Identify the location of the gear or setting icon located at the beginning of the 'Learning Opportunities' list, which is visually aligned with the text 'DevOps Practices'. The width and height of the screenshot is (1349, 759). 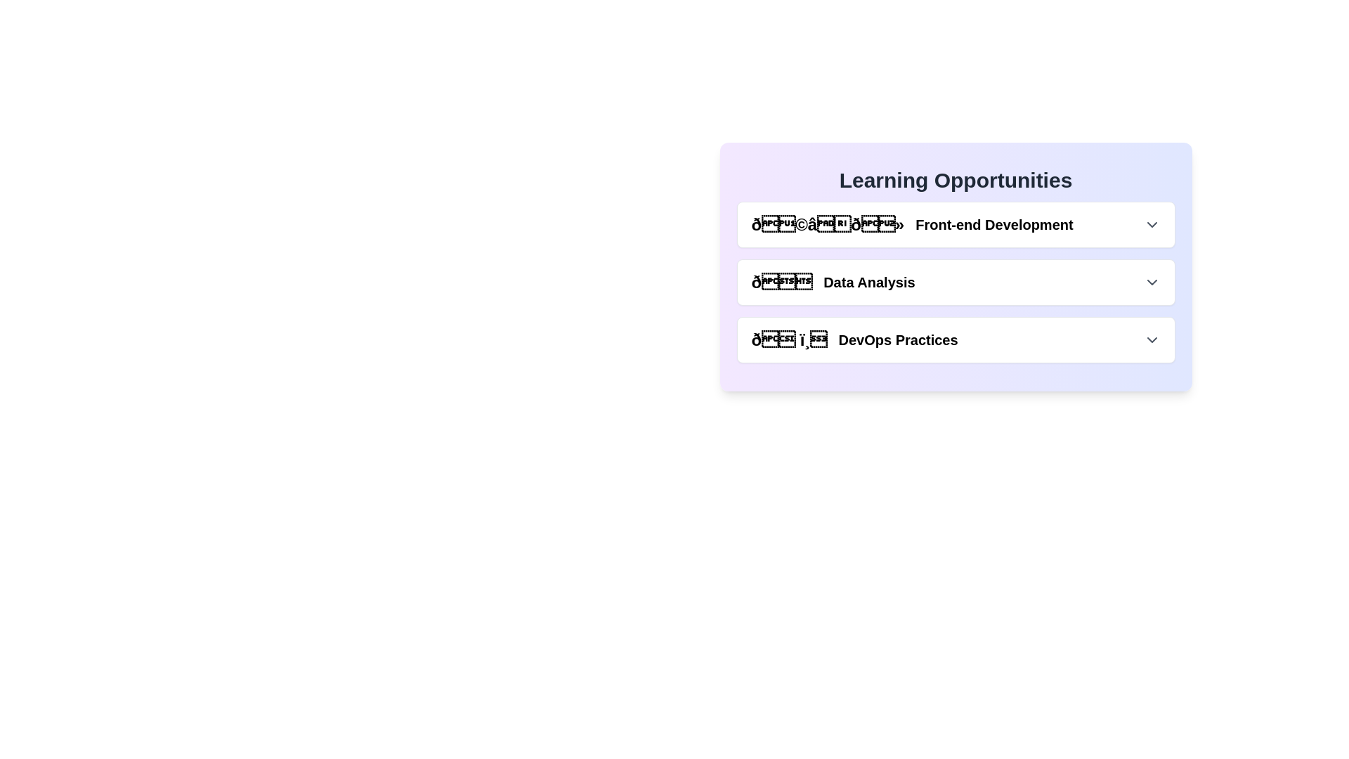
(789, 339).